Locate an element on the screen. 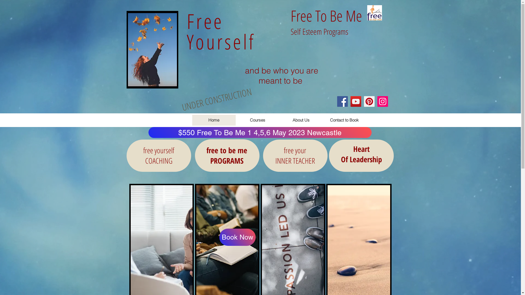 The height and width of the screenshot is (295, 525). 'Home' is located at coordinates (213, 120).